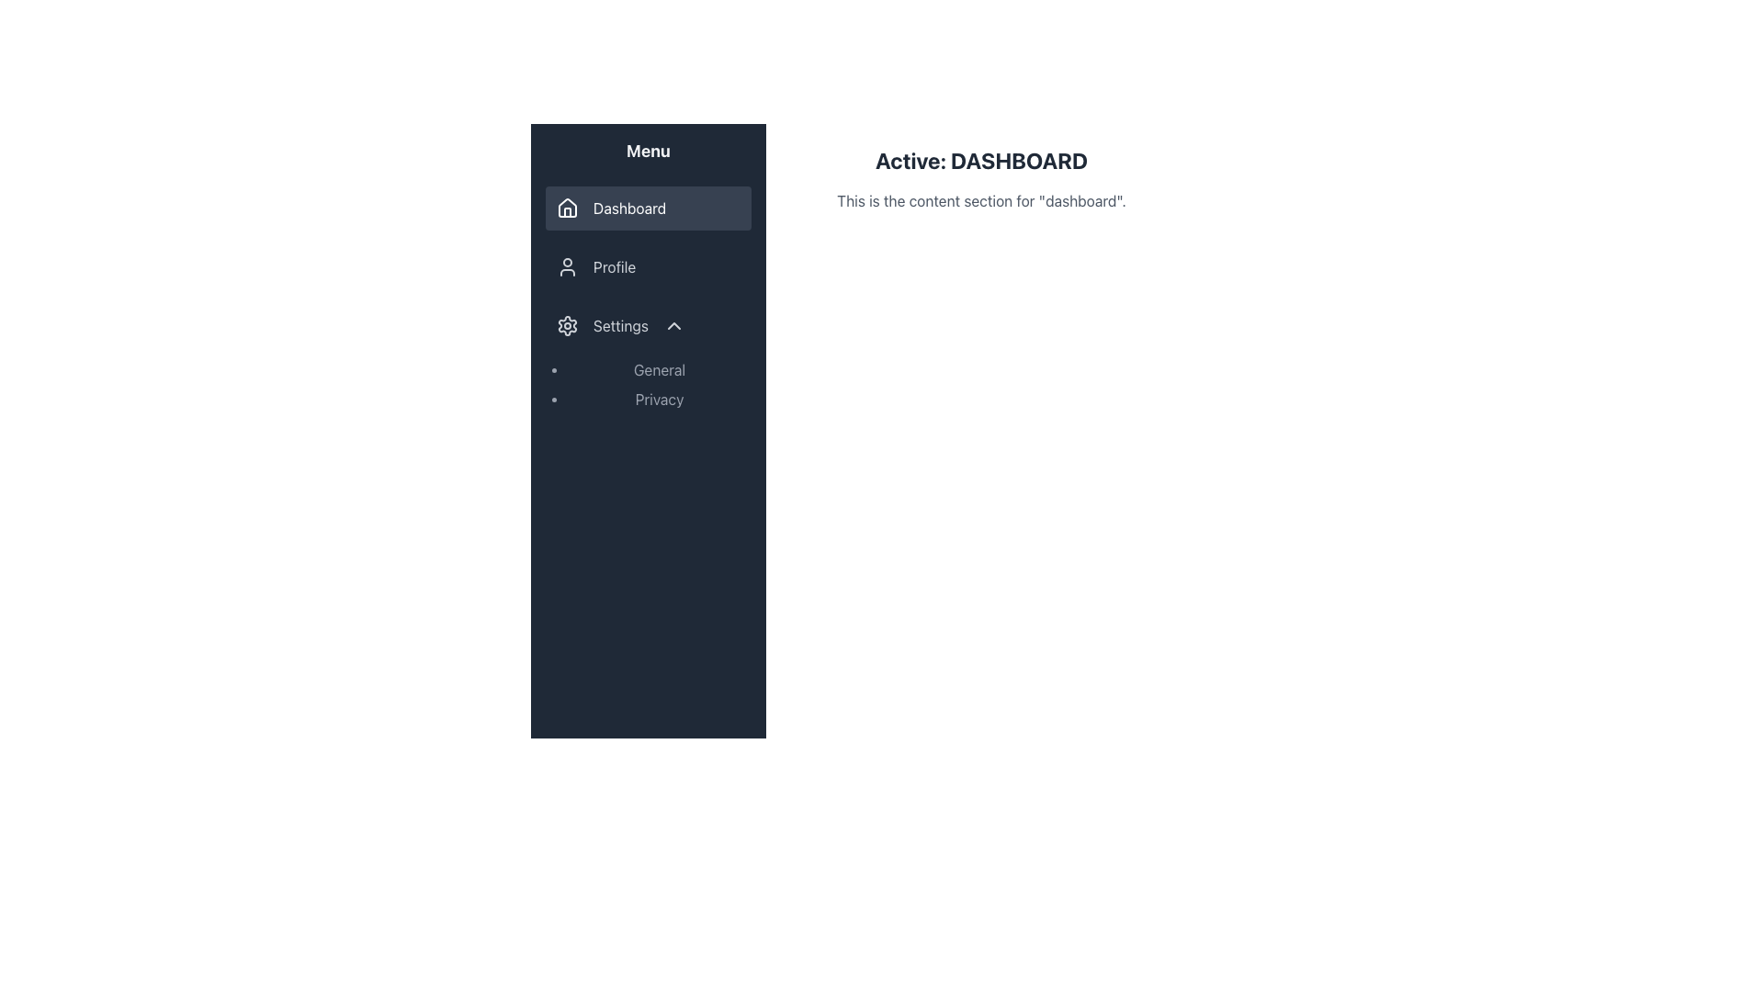 Image resolution: width=1764 pixels, height=992 pixels. What do you see at coordinates (567, 324) in the screenshot?
I see `the gear-like icon in the 'Settings' menu option located in the left-side navigation menu to interact with its associated menu` at bounding box center [567, 324].